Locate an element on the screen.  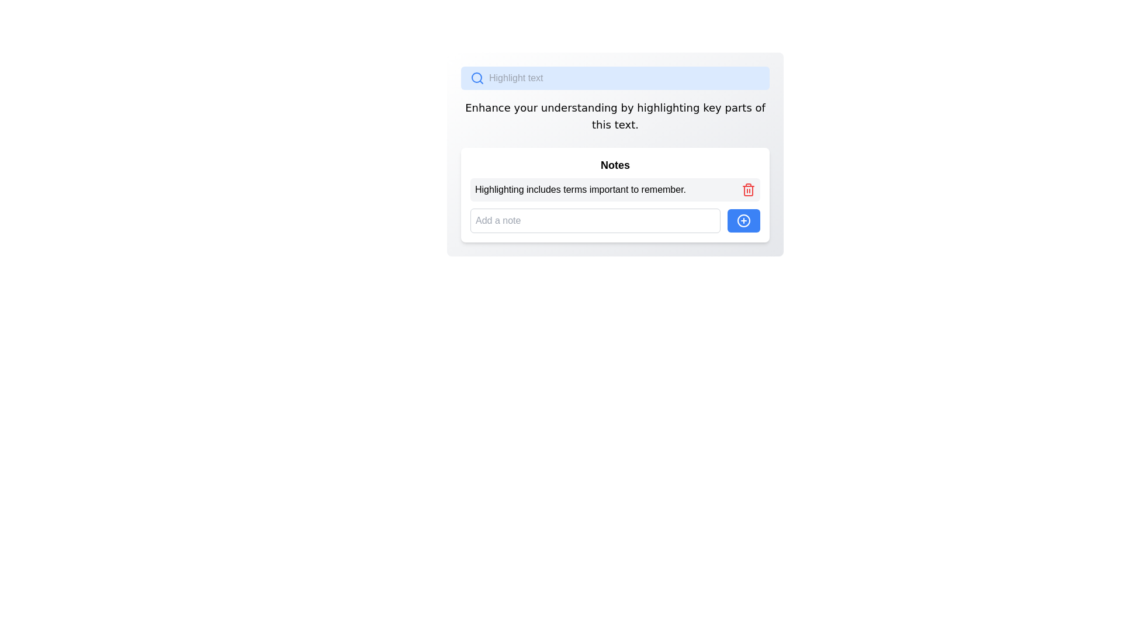
the text character 'g' in the sentence 'Enhance your understanding by highlighting key parts of this text.' is located at coordinates (669, 108).